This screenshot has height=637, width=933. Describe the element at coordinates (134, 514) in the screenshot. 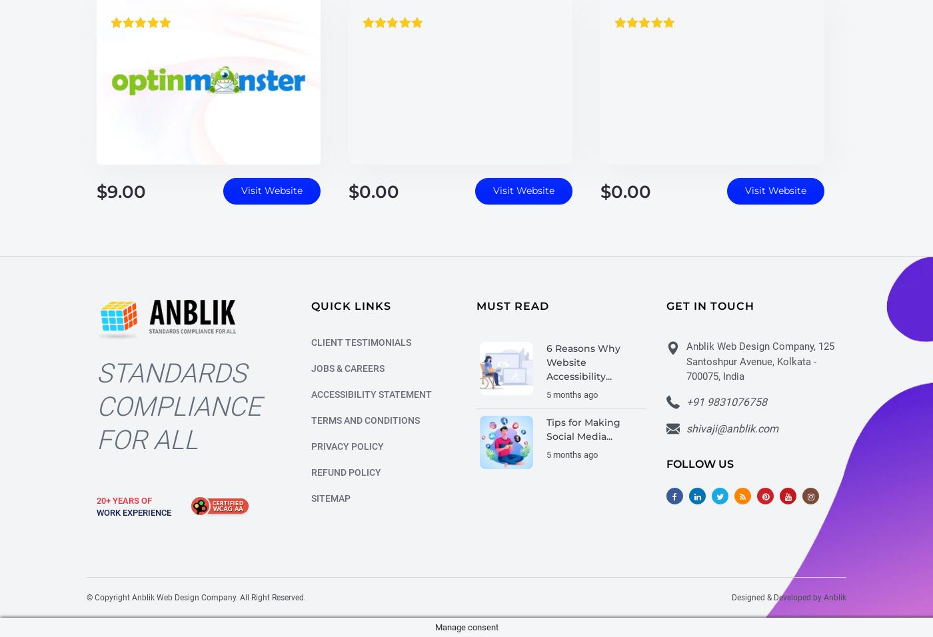

I see `'Work experience'` at that location.